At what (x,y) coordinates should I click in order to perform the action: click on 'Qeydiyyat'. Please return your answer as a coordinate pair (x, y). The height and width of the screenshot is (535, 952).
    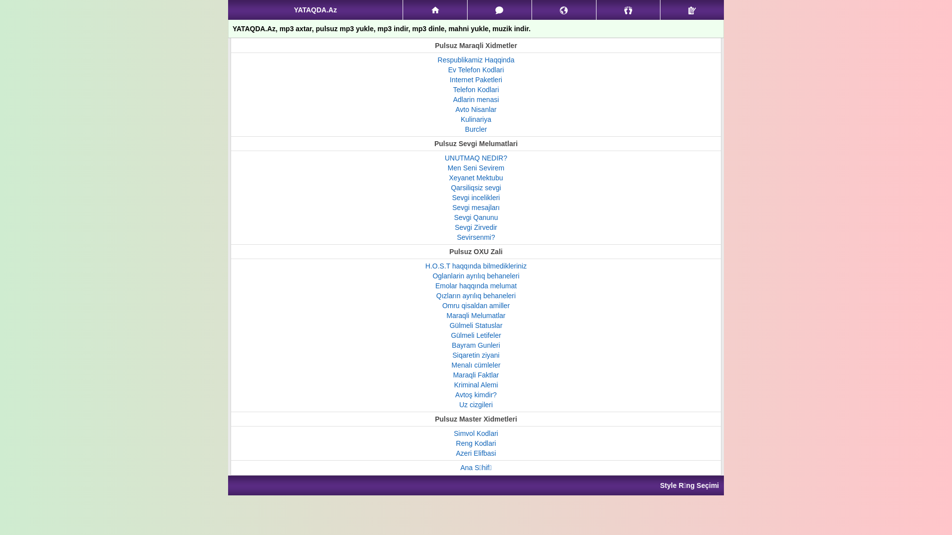
    Looking at the image, I should click on (660, 9).